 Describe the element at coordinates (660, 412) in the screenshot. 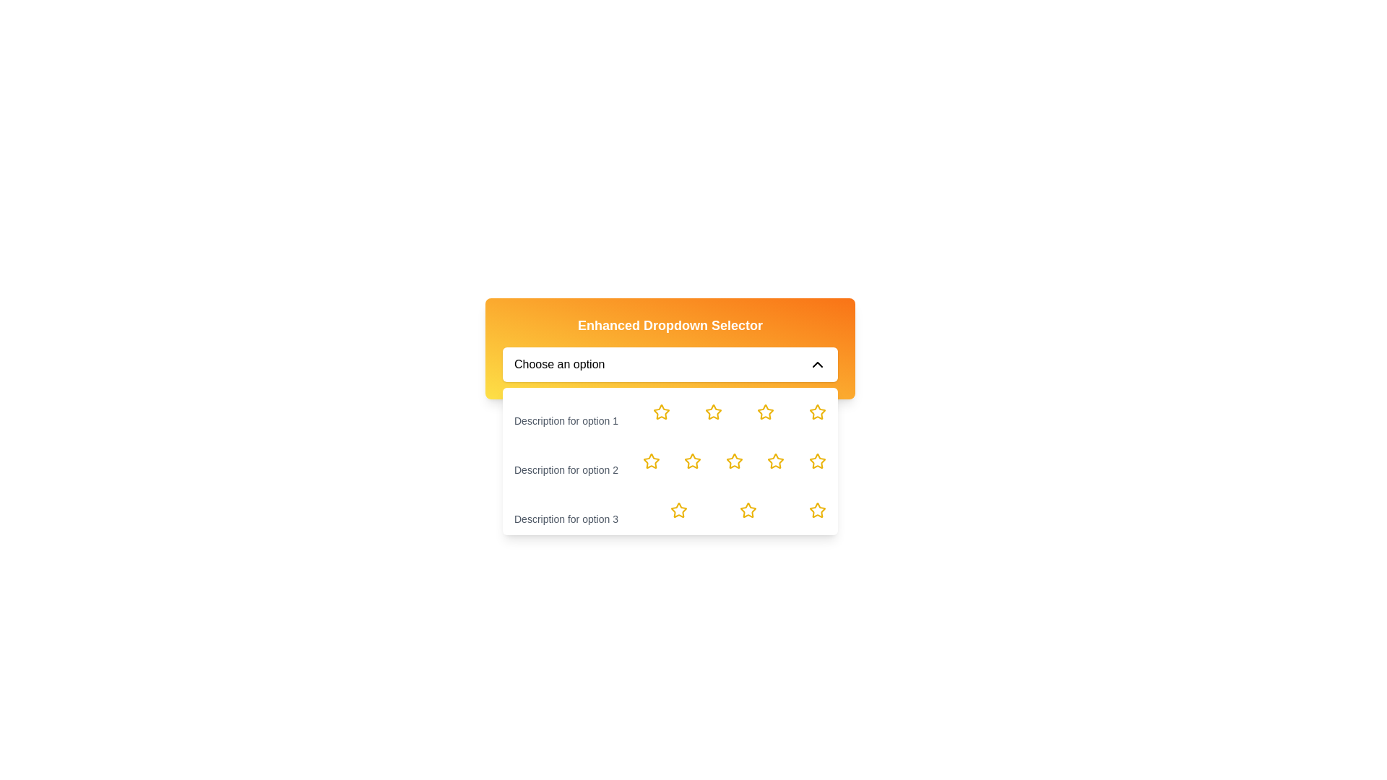

I see `the first star-shaped icon button in the row of rating stars located in the 'Enhanced Dropdown Selector'` at that location.